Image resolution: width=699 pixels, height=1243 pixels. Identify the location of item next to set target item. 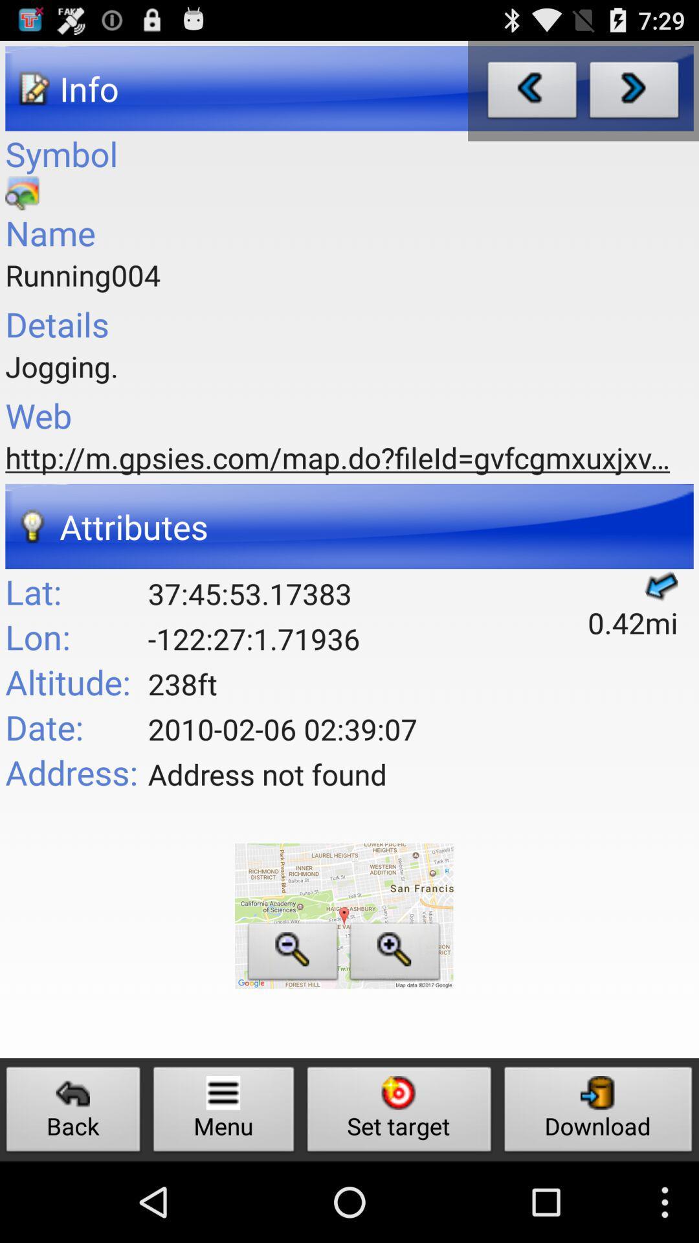
(598, 1112).